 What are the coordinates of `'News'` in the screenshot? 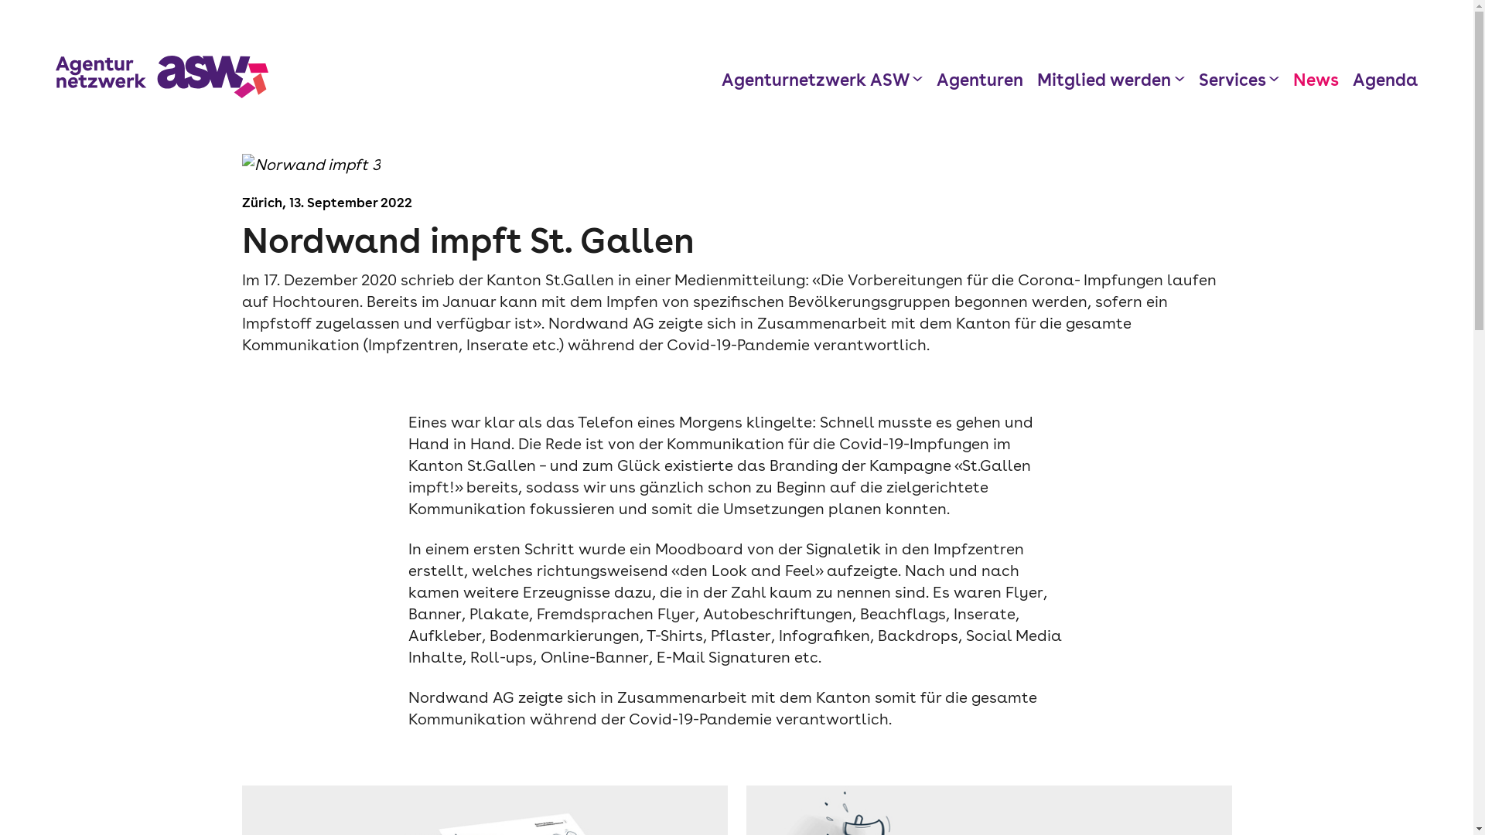 It's located at (1292, 80).